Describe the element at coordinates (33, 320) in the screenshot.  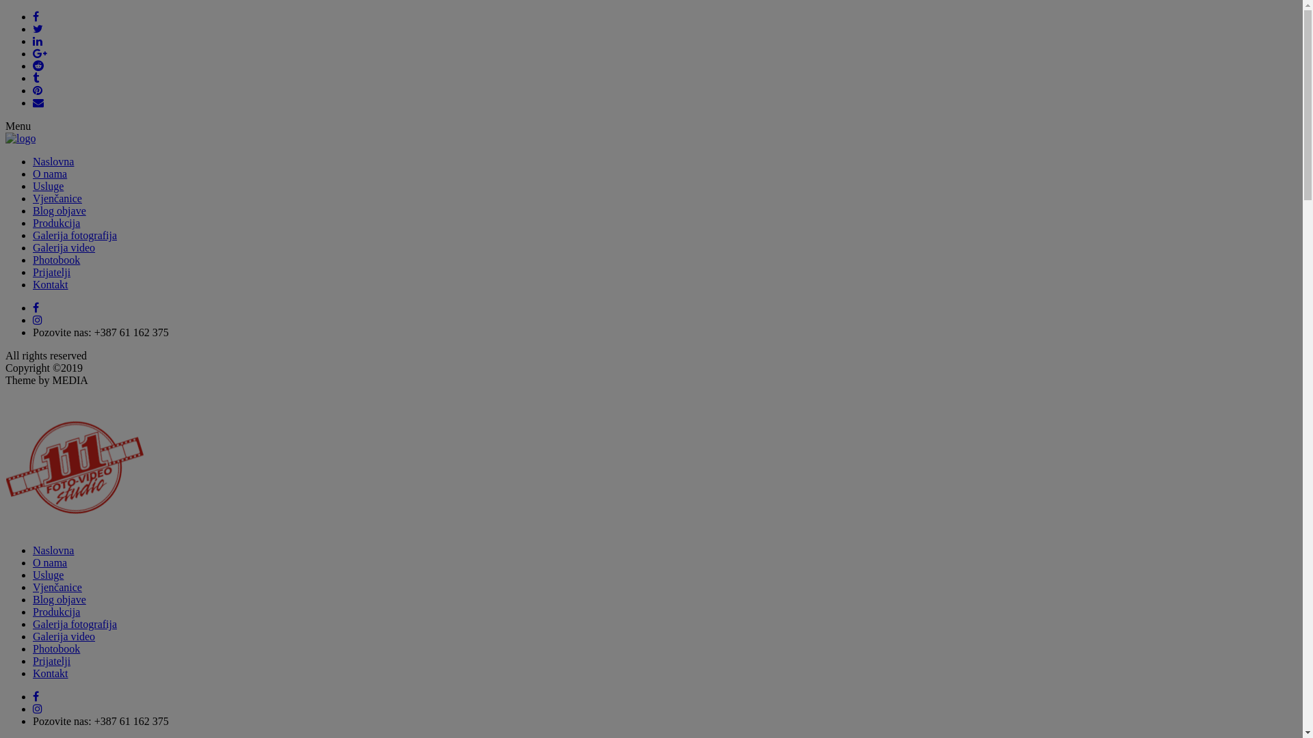
I see `'Instagram'` at that location.